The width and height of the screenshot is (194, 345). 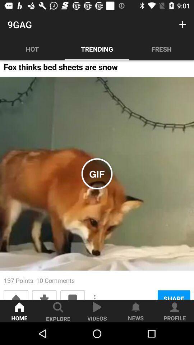 What do you see at coordinates (174, 295) in the screenshot?
I see `the share icon` at bounding box center [174, 295].